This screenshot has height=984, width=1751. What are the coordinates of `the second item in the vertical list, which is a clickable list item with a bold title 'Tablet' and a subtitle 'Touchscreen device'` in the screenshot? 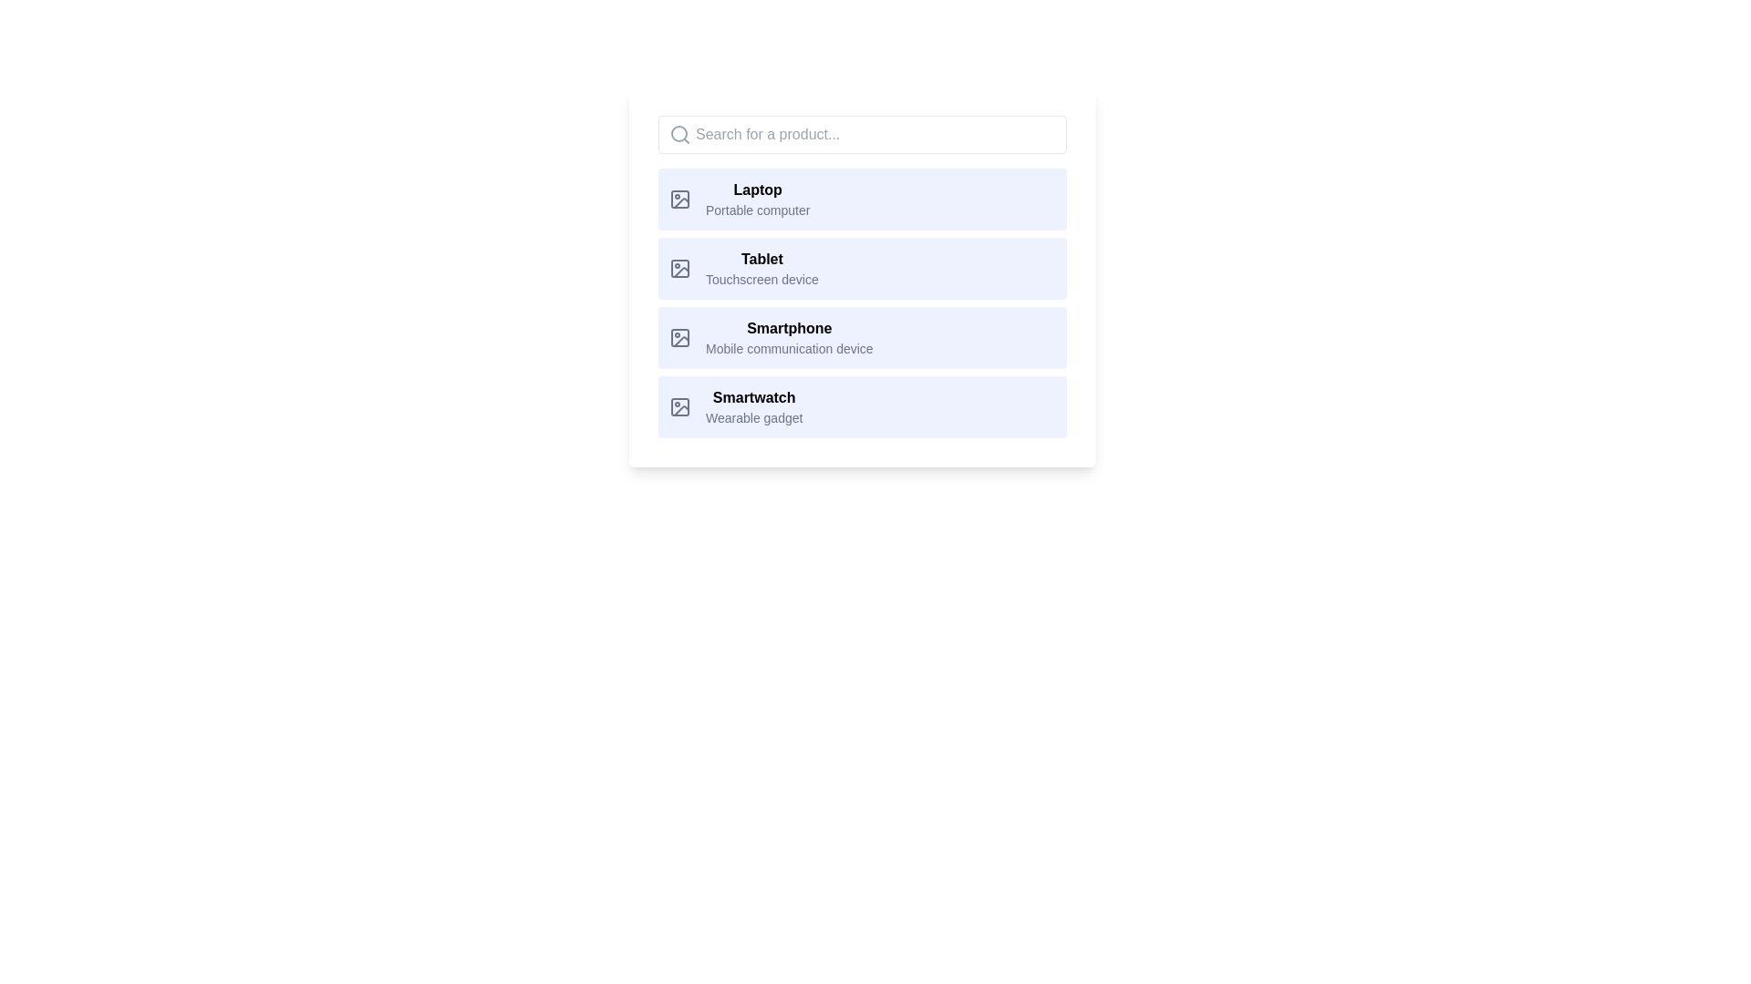 It's located at (861, 268).